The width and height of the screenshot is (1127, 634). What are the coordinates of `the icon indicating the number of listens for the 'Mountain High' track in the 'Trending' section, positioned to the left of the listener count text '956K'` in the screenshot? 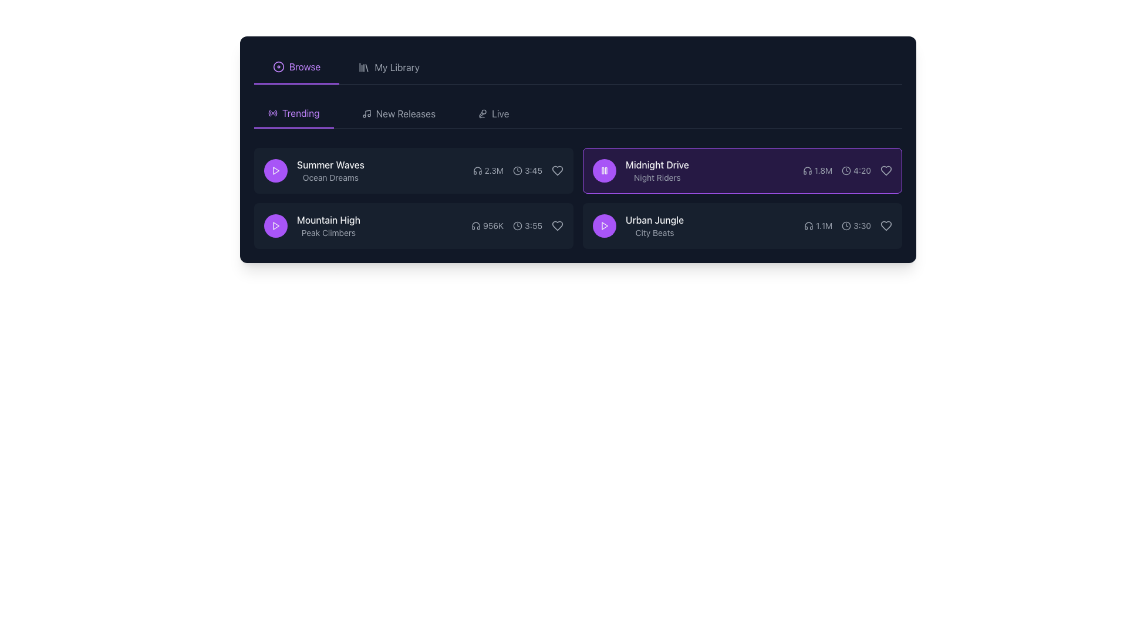 It's located at (476, 226).